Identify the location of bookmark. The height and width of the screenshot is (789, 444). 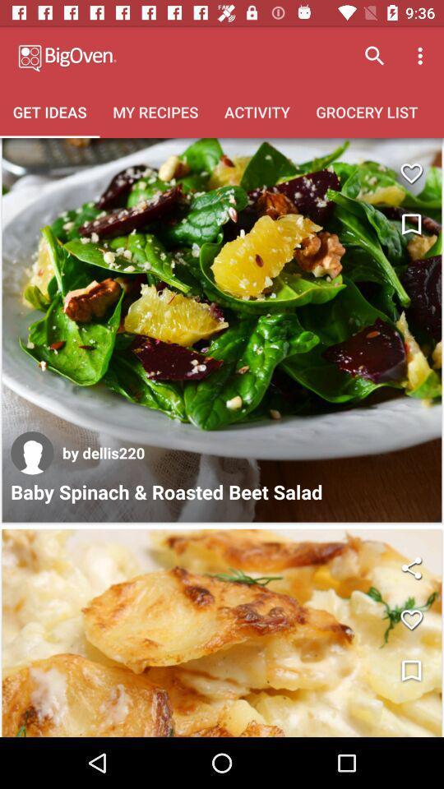
(410, 224).